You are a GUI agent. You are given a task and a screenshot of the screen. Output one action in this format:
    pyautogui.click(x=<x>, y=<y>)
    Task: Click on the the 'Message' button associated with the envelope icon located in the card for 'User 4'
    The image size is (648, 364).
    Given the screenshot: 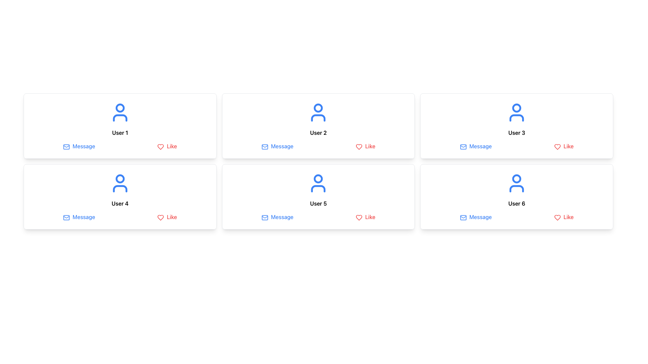 What is the action you would take?
    pyautogui.click(x=66, y=217)
    